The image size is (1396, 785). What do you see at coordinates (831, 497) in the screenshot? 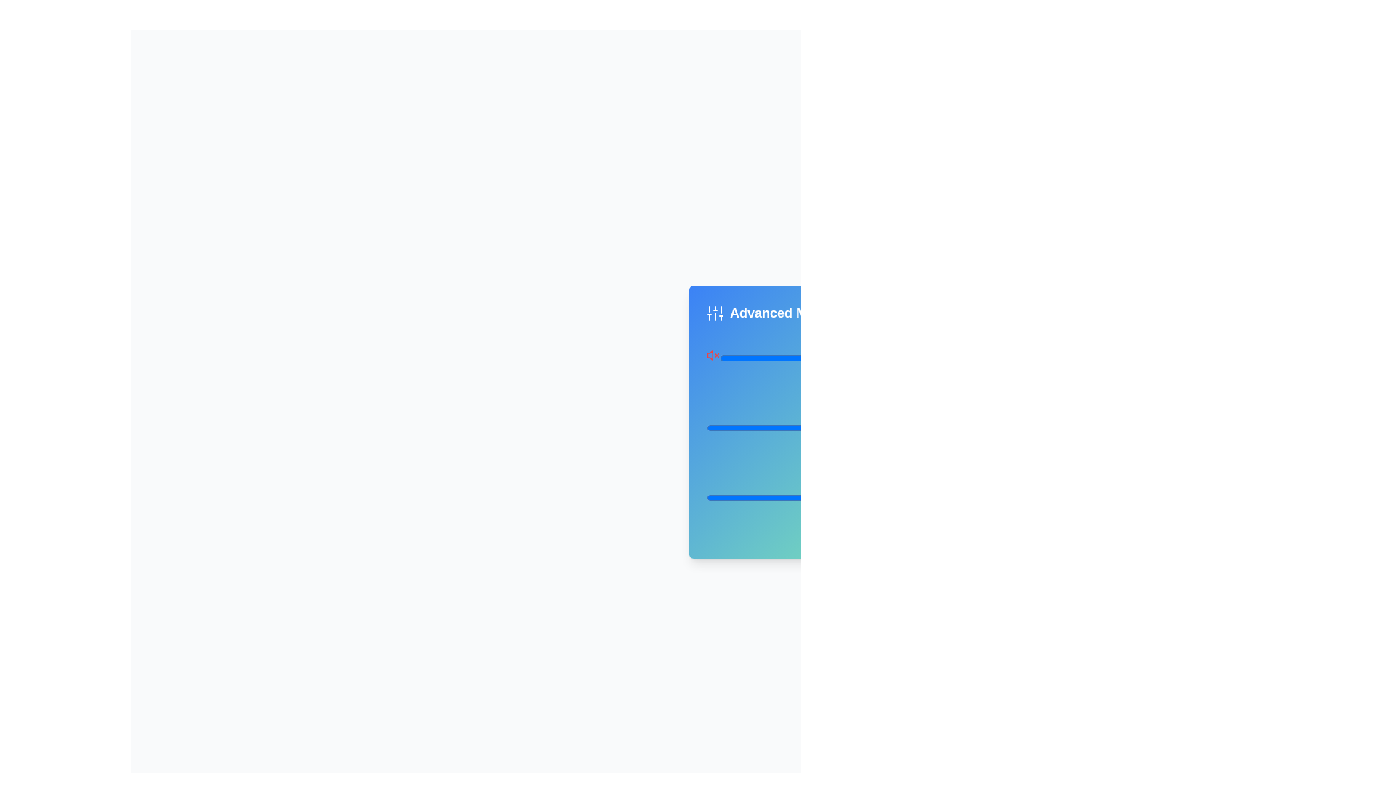
I see `the slider` at bounding box center [831, 497].